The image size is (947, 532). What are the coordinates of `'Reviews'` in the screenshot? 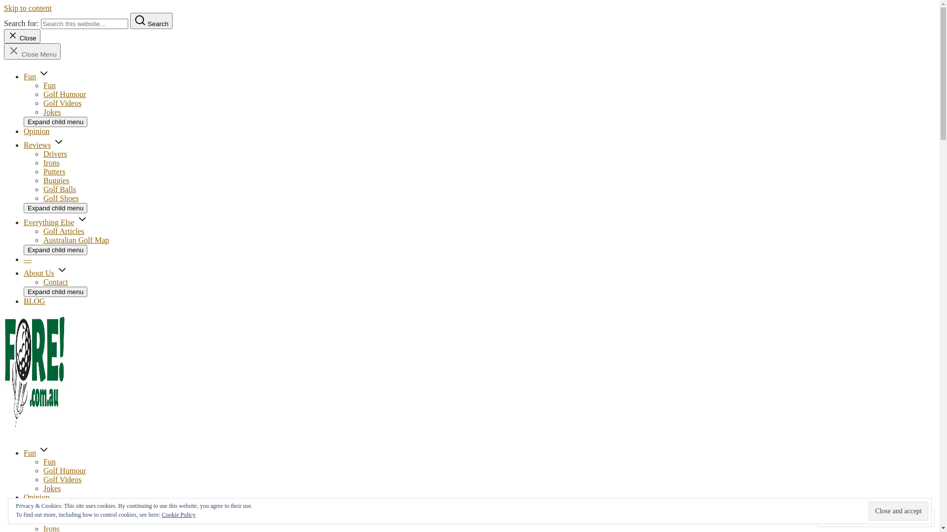 It's located at (37, 145).